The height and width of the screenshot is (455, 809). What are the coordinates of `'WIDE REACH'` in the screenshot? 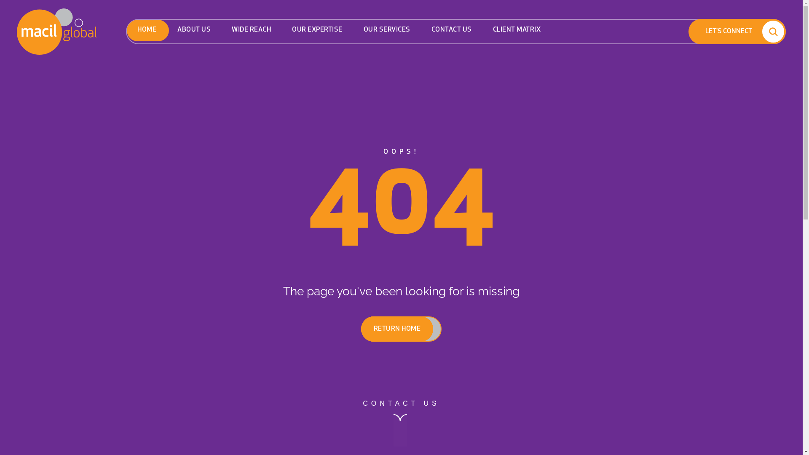 It's located at (251, 30).